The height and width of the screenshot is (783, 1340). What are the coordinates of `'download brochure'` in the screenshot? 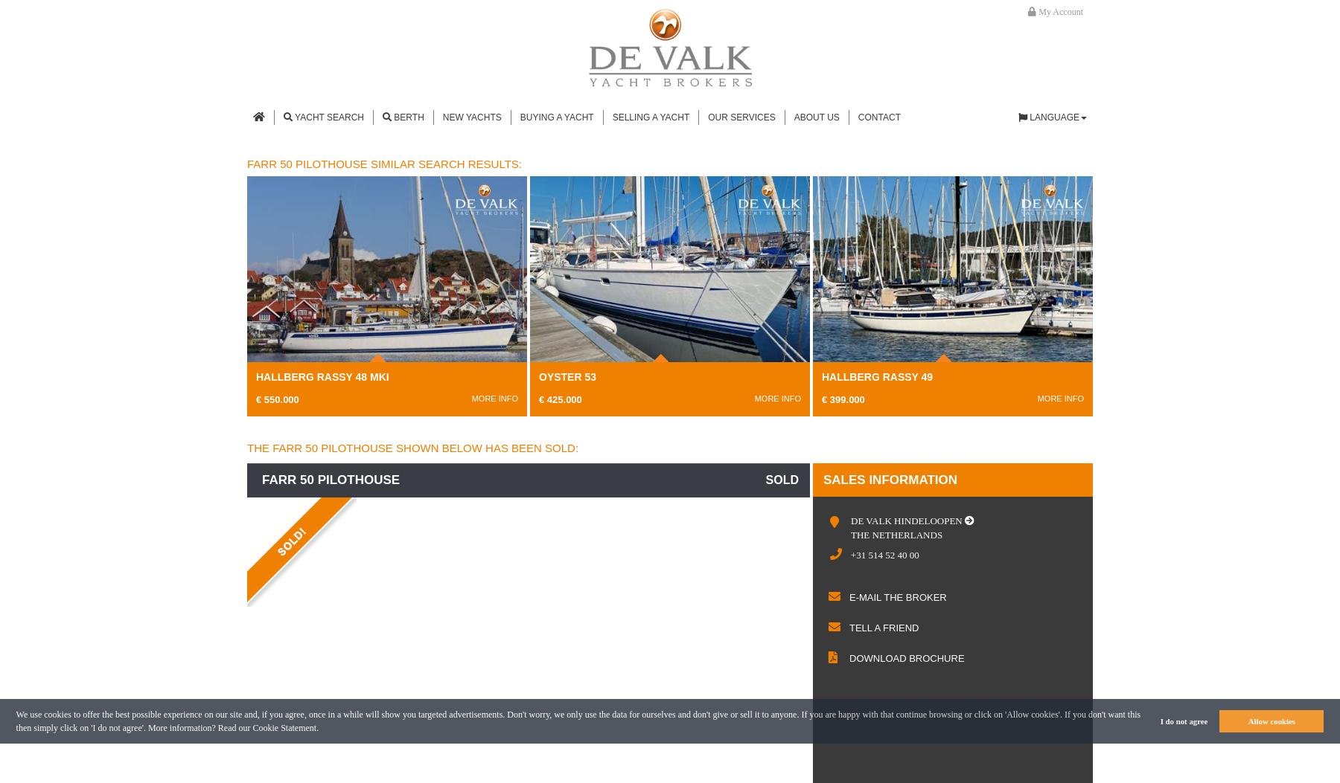 It's located at (849, 658).